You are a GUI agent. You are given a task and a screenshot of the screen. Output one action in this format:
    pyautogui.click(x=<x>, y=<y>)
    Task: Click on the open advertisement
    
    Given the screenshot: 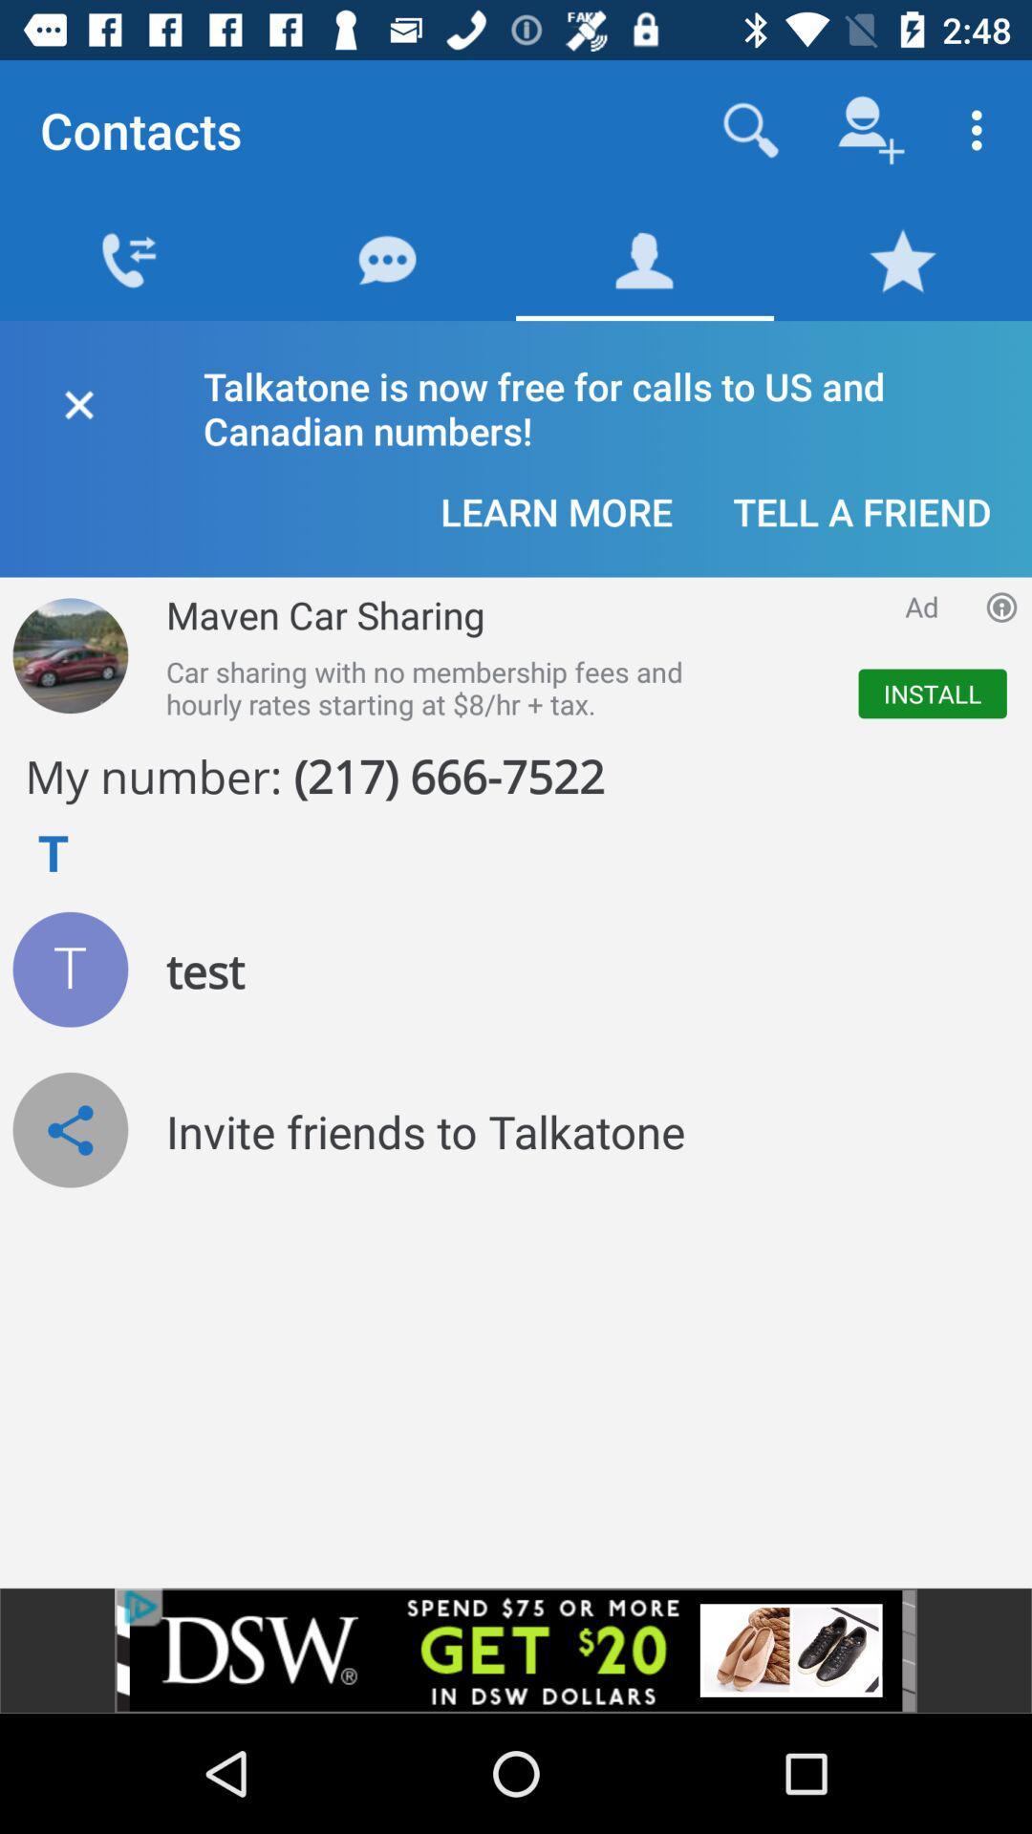 What is the action you would take?
    pyautogui.click(x=516, y=1650)
    